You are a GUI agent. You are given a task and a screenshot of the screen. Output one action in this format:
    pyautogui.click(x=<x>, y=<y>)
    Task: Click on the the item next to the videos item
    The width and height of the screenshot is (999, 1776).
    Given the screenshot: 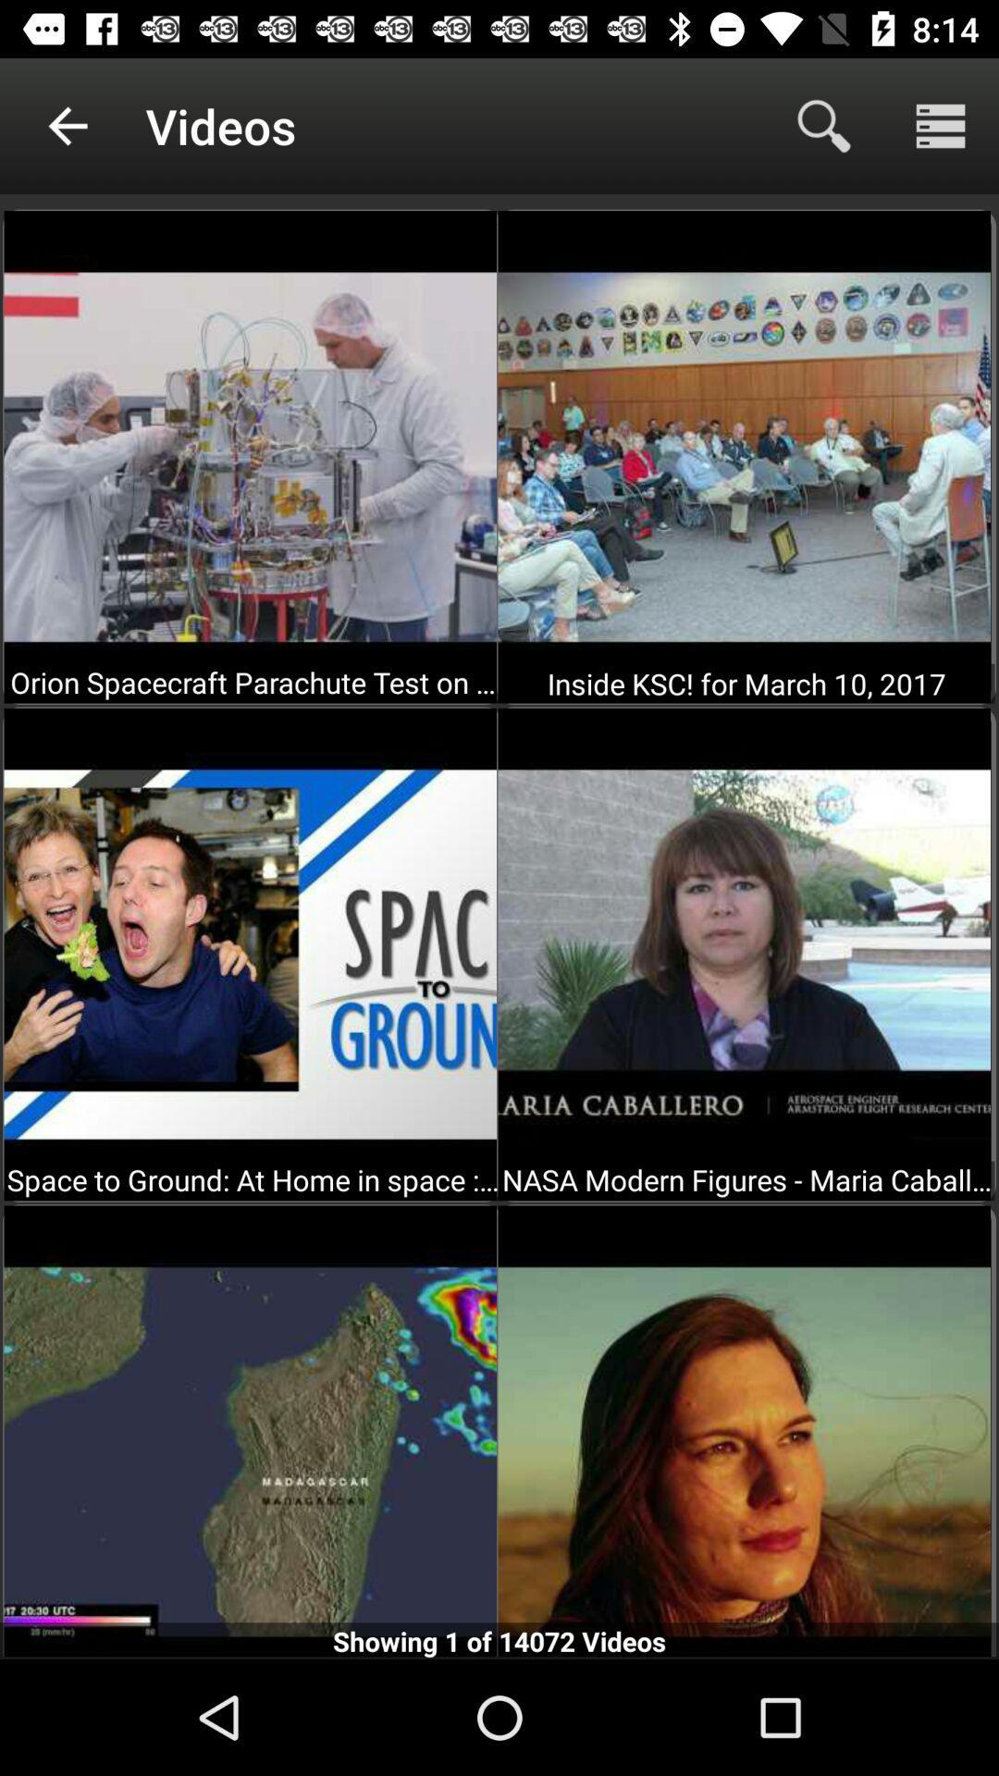 What is the action you would take?
    pyautogui.click(x=67, y=125)
    